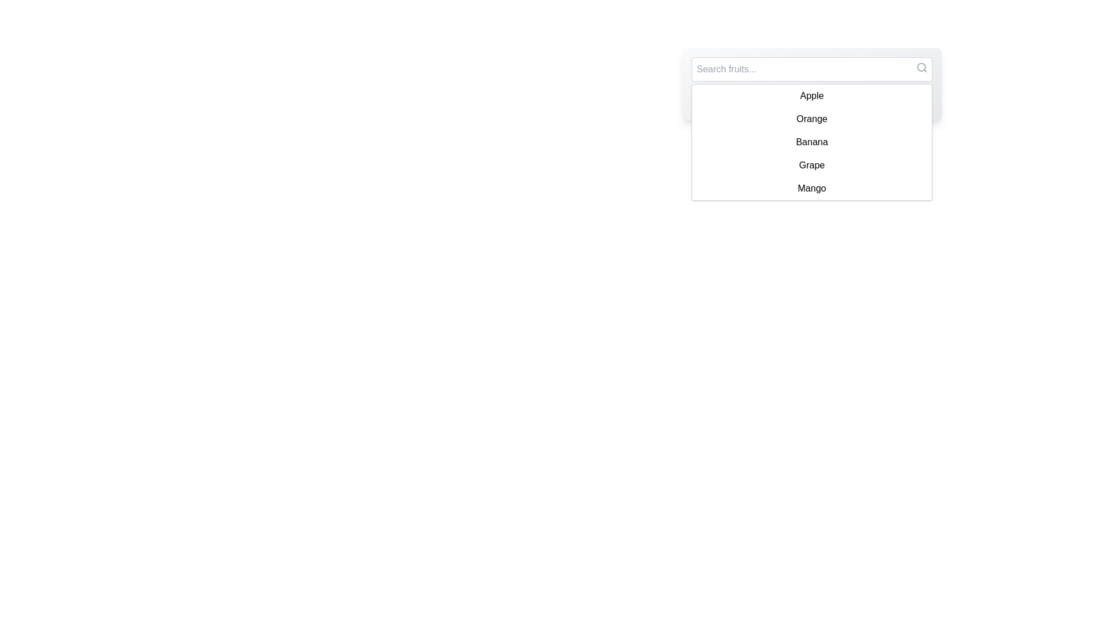 This screenshot has height=625, width=1112. What do you see at coordinates (811, 100) in the screenshot?
I see `text from the Text Label that serves as a header for the section displaying selected items, positioned near the top of the pane` at bounding box center [811, 100].